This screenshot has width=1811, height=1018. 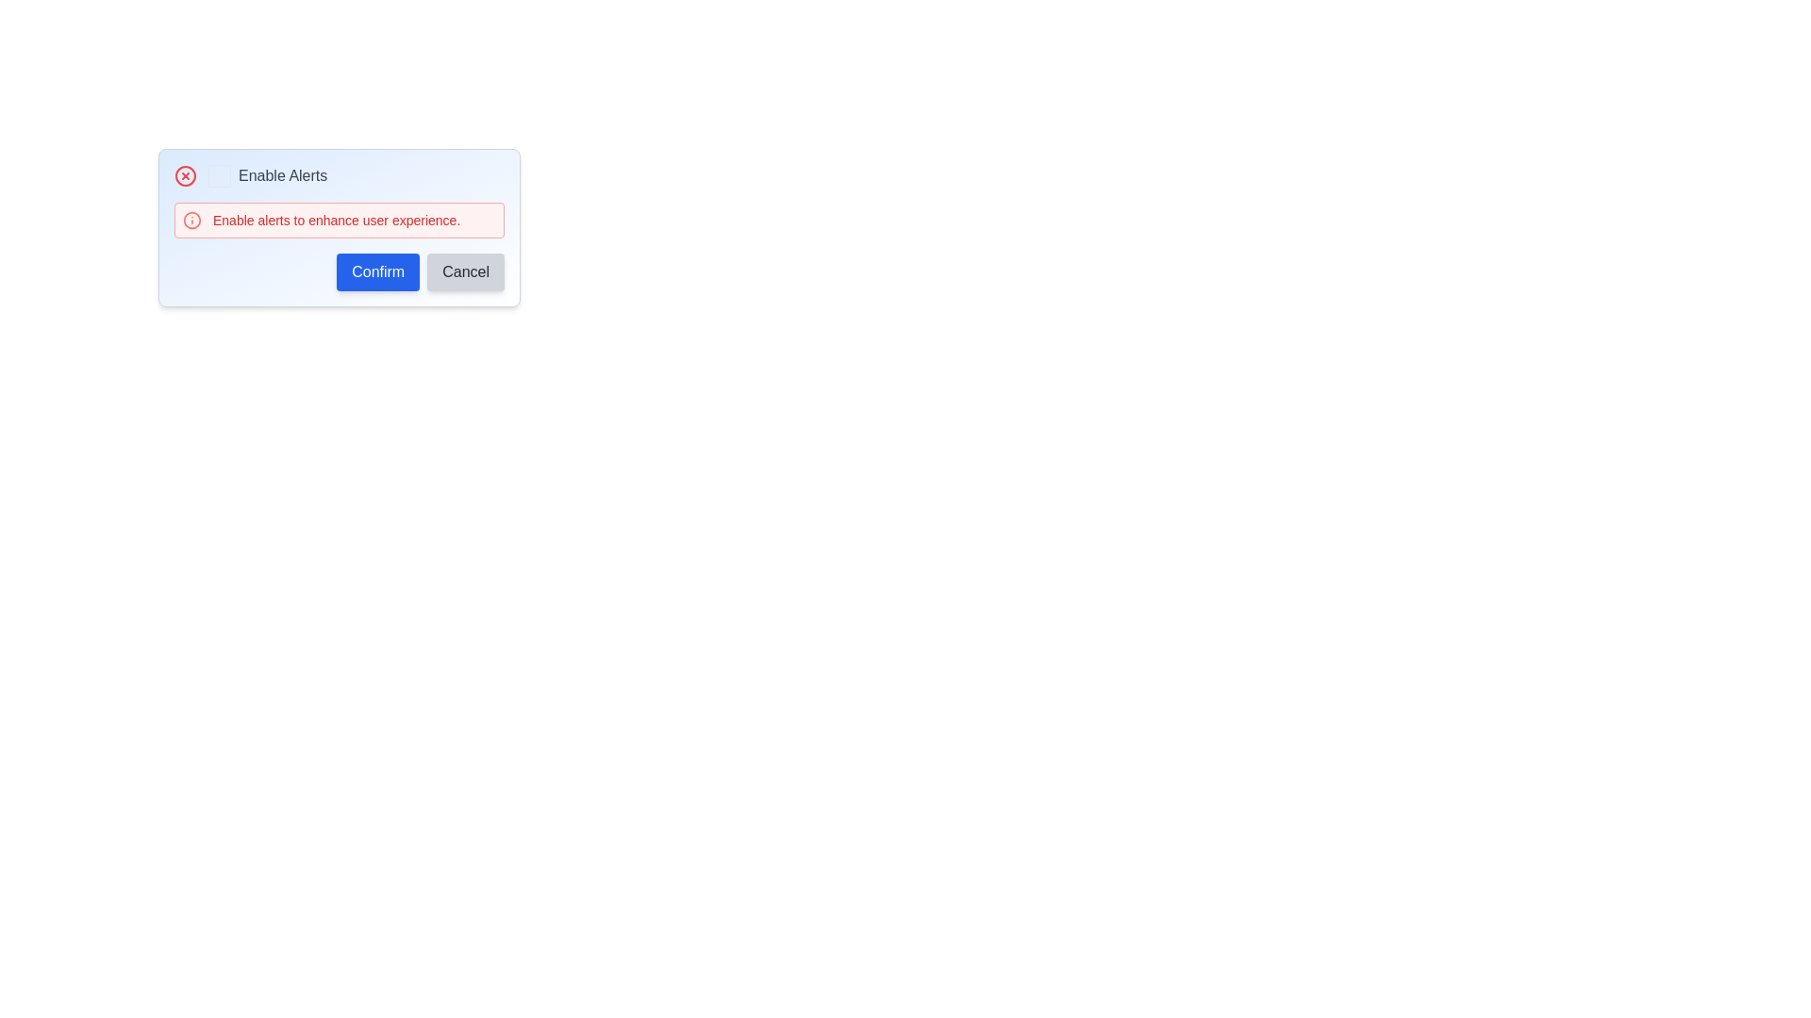 I want to click on the 'Cancel' button, so click(x=466, y=272).